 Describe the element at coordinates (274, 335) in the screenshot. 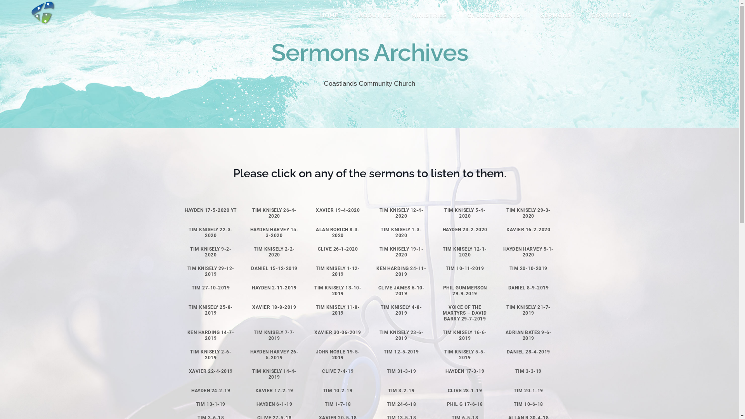

I see `'TIM KNISELY 7-7-2019'` at that location.